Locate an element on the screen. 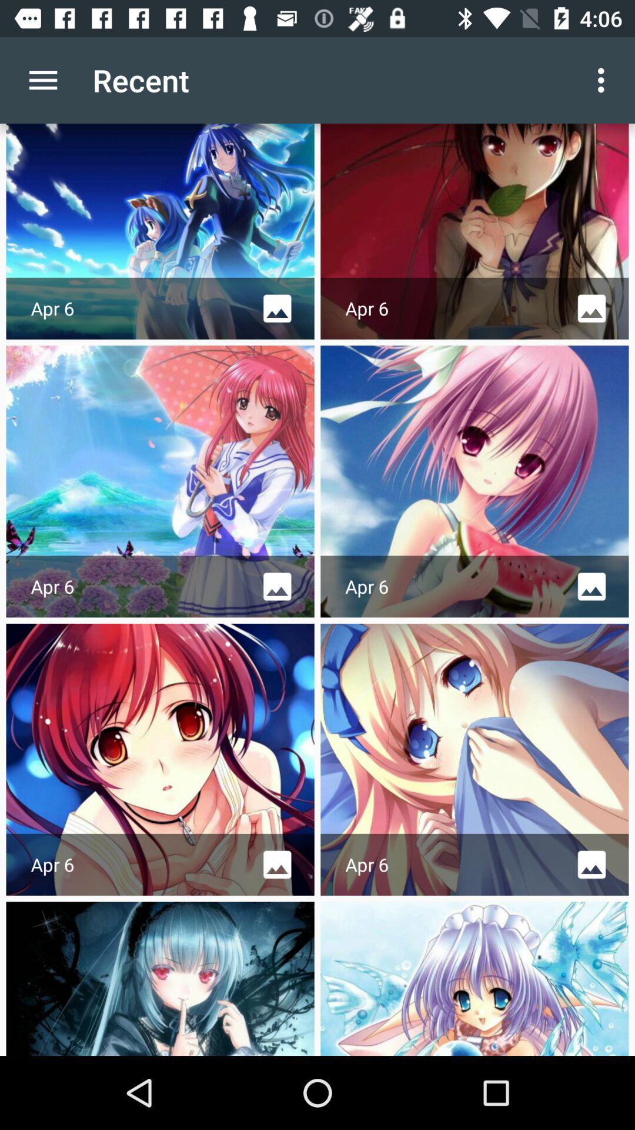 The width and height of the screenshot is (635, 1130). icon next to recent app is located at coordinates (42, 79).